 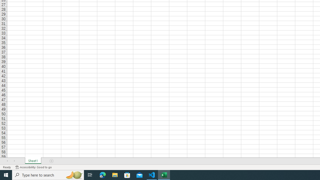 What do you see at coordinates (127, 174) in the screenshot?
I see `'Microsoft Store'` at bounding box center [127, 174].